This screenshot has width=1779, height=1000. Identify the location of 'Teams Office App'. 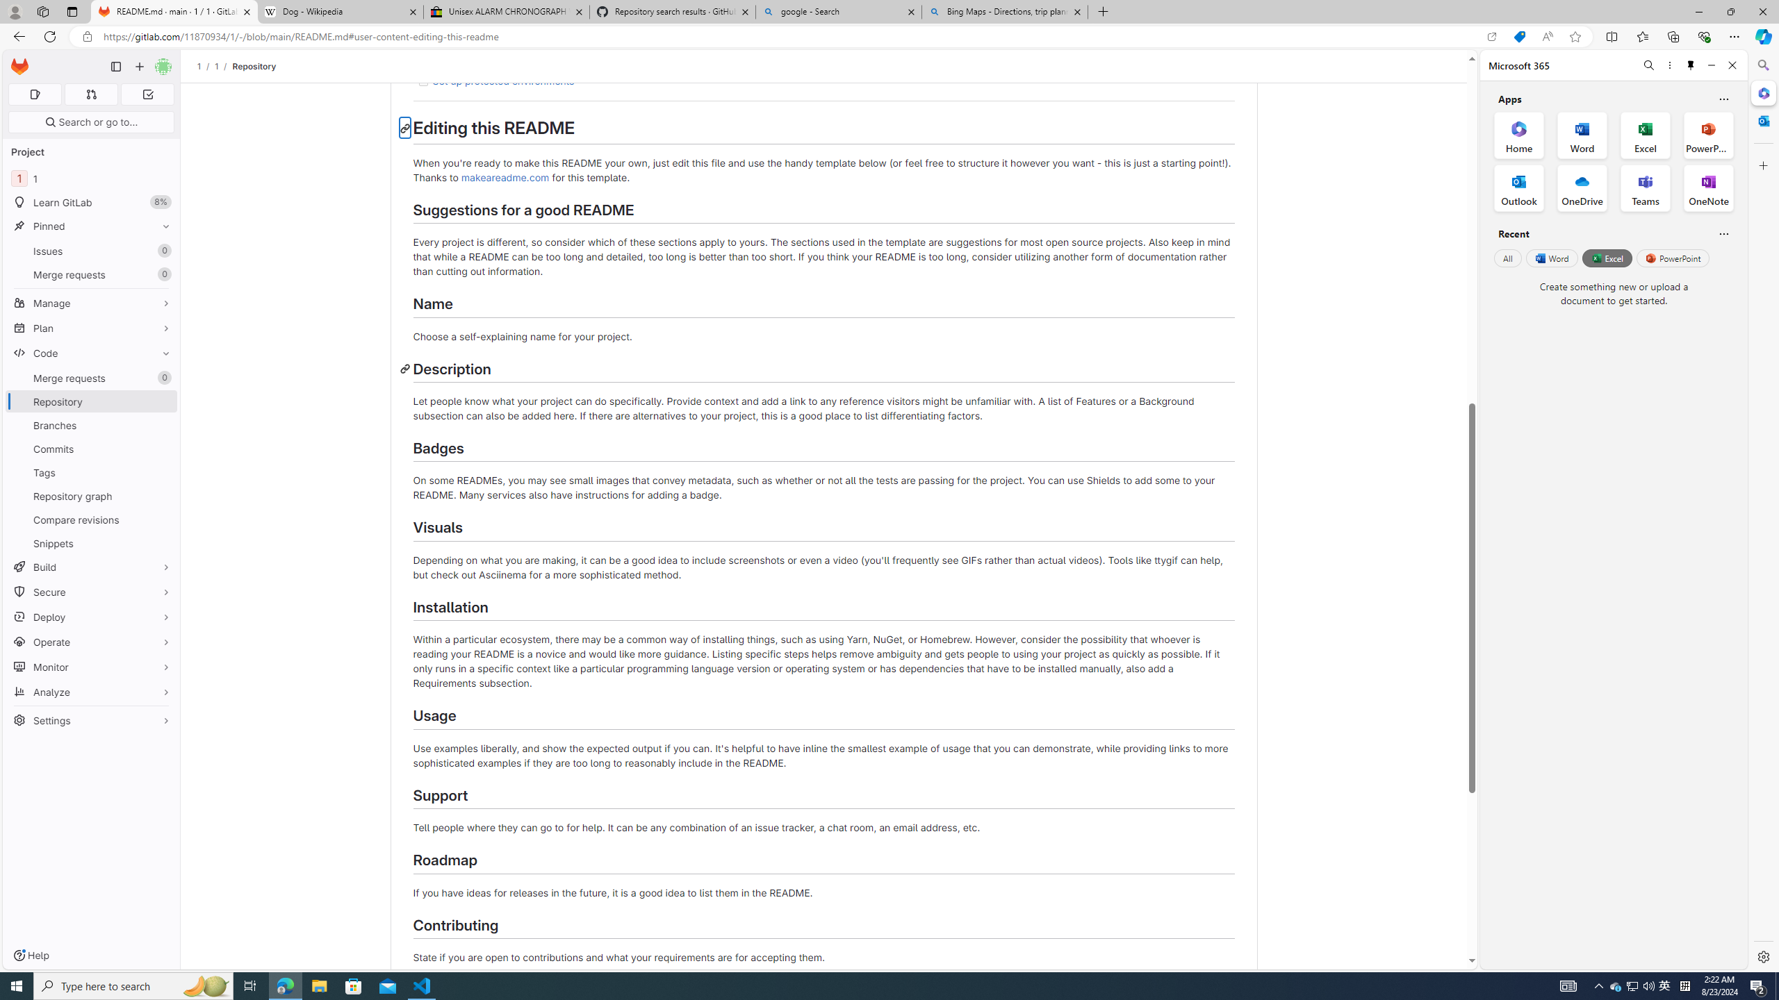
(1646, 188).